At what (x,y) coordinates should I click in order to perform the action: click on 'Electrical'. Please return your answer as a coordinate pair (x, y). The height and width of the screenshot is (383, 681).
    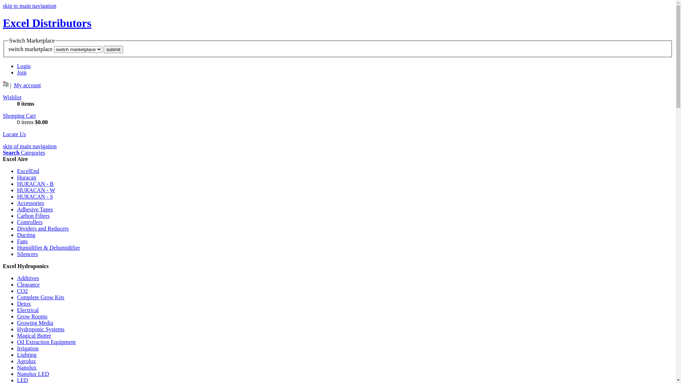
    Looking at the image, I should click on (17, 310).